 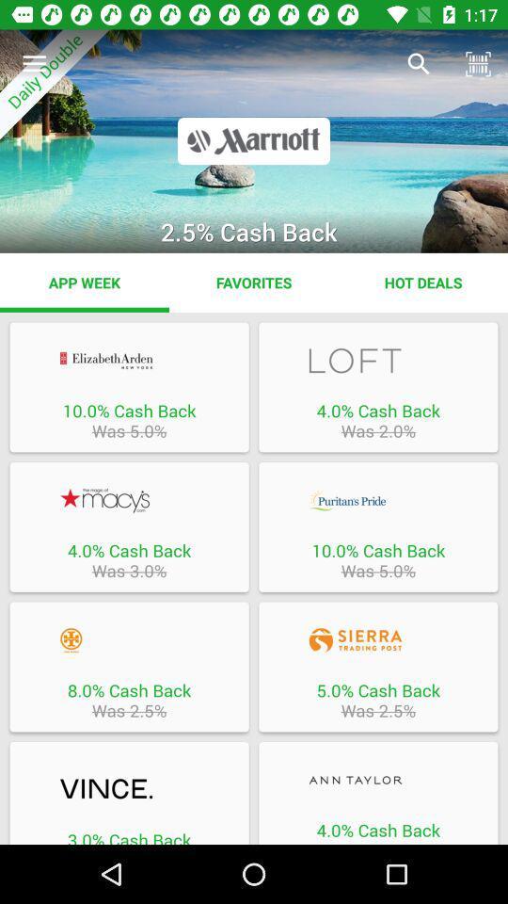 What do you see at coordinates (378, 780) in the screenshot?
I see `access website` at bounding box center [378, 780].